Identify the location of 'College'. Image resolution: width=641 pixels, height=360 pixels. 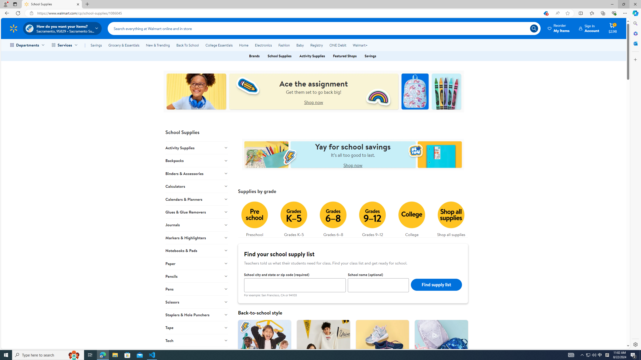
(411, 217).